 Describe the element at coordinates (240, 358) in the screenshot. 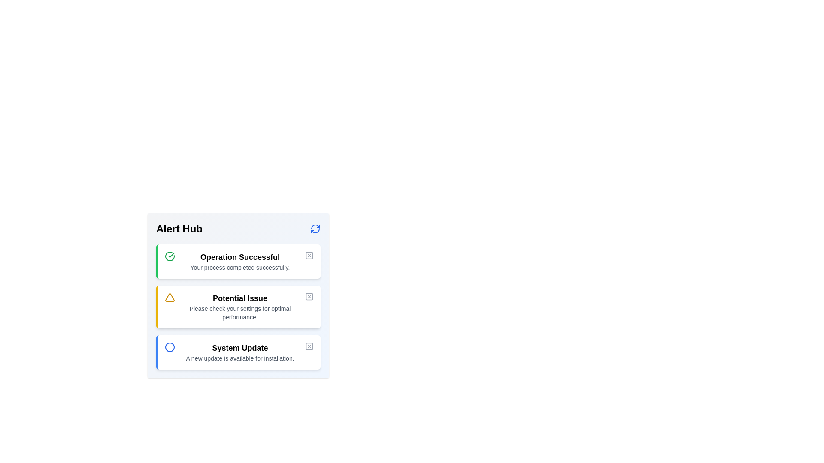

I see `notification message text related to 'System Update', which is located directly beneath the 'System Update' title in the bottommost card section of the Alert Hub` at that location.